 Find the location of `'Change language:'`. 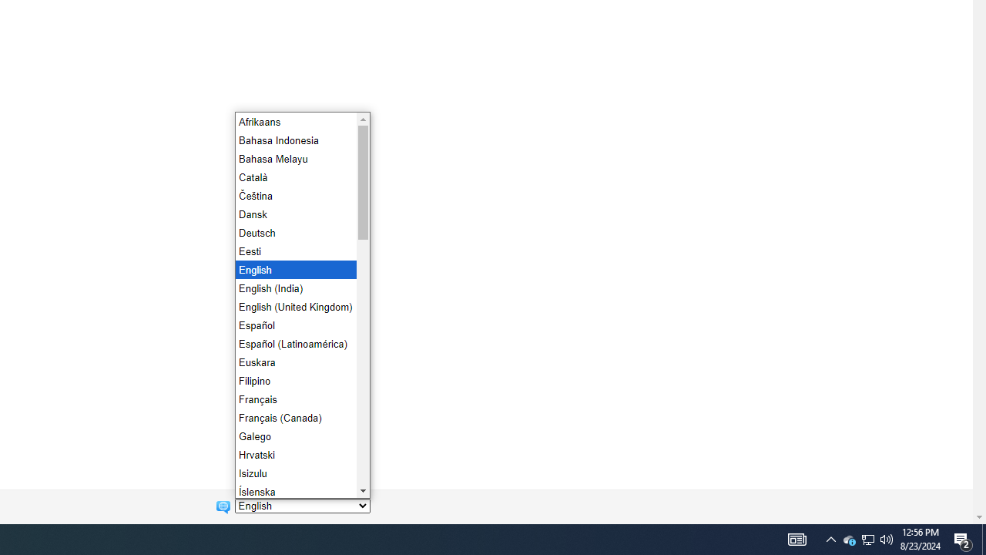

'Change language:' is located at coordinates (302, 506).